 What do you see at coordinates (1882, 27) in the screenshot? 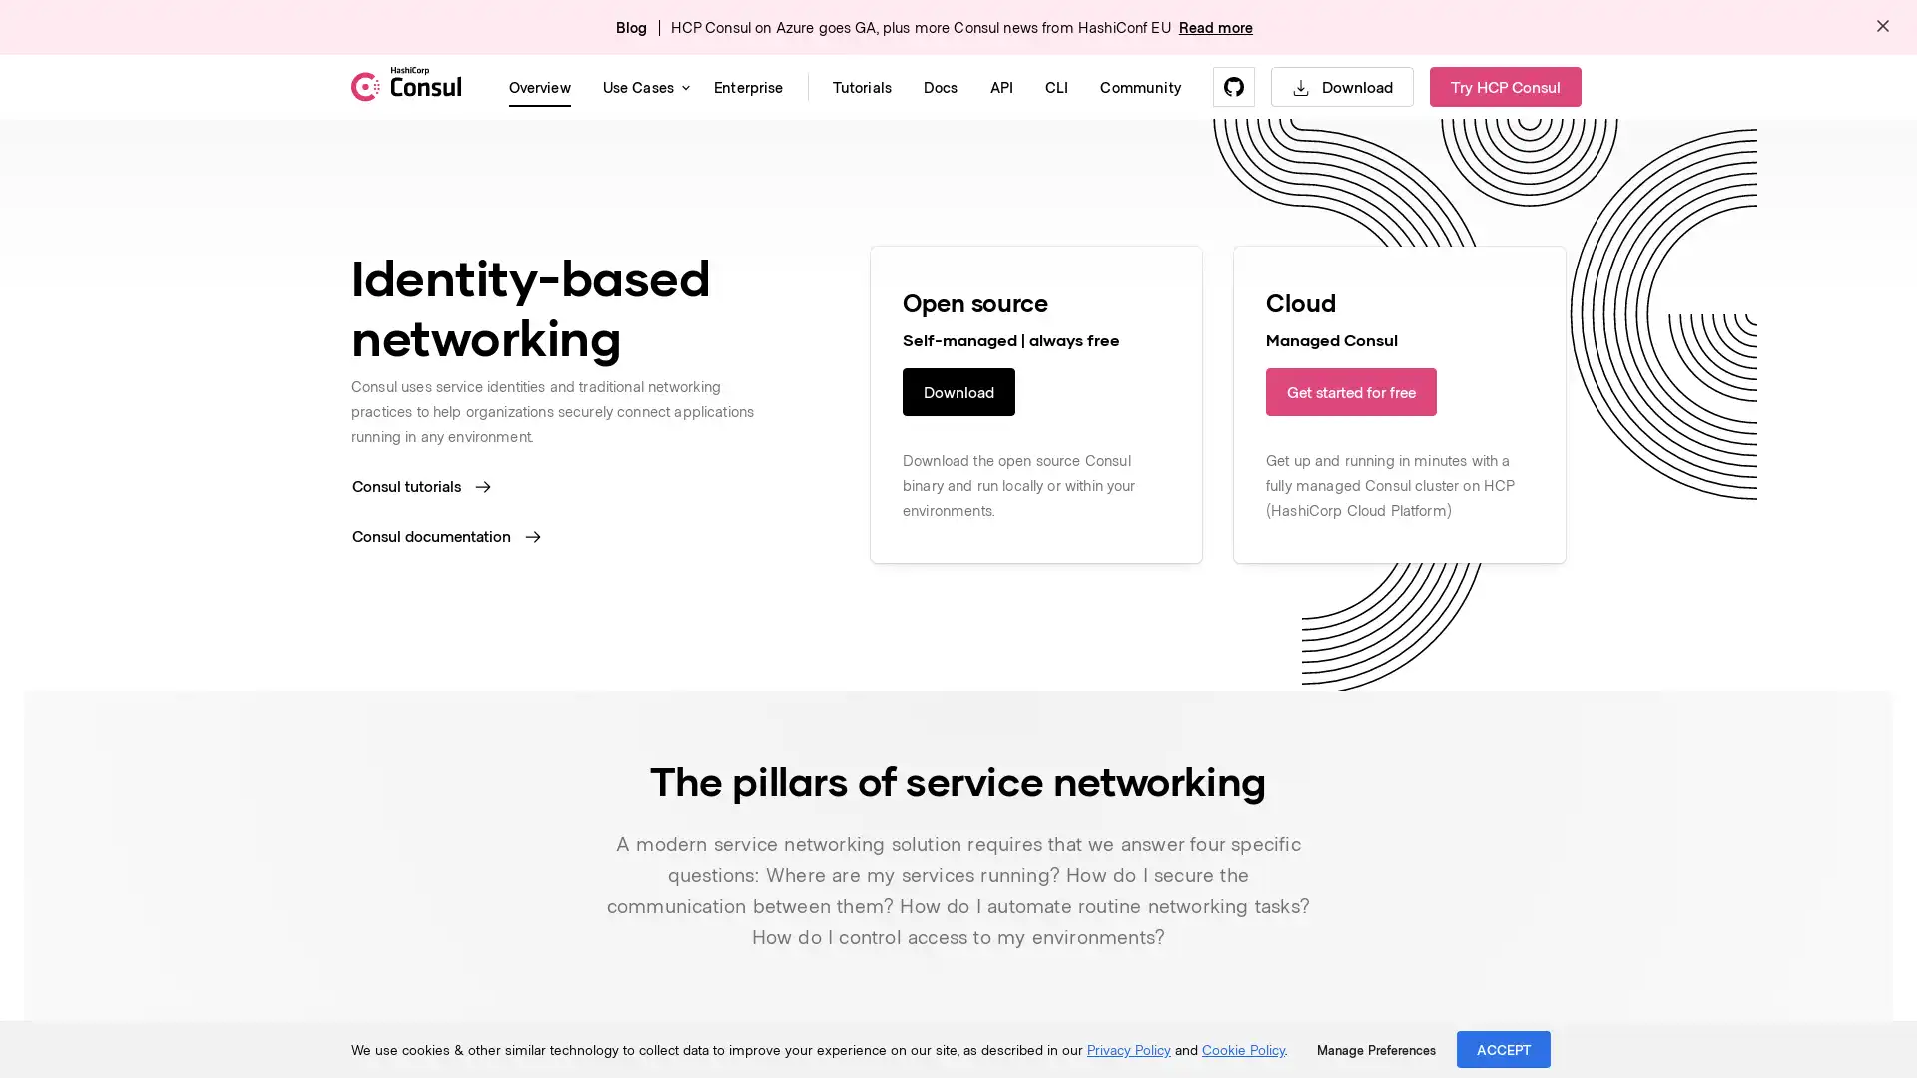
I see `Dismiss alert` at bounding box center [1882, 27].